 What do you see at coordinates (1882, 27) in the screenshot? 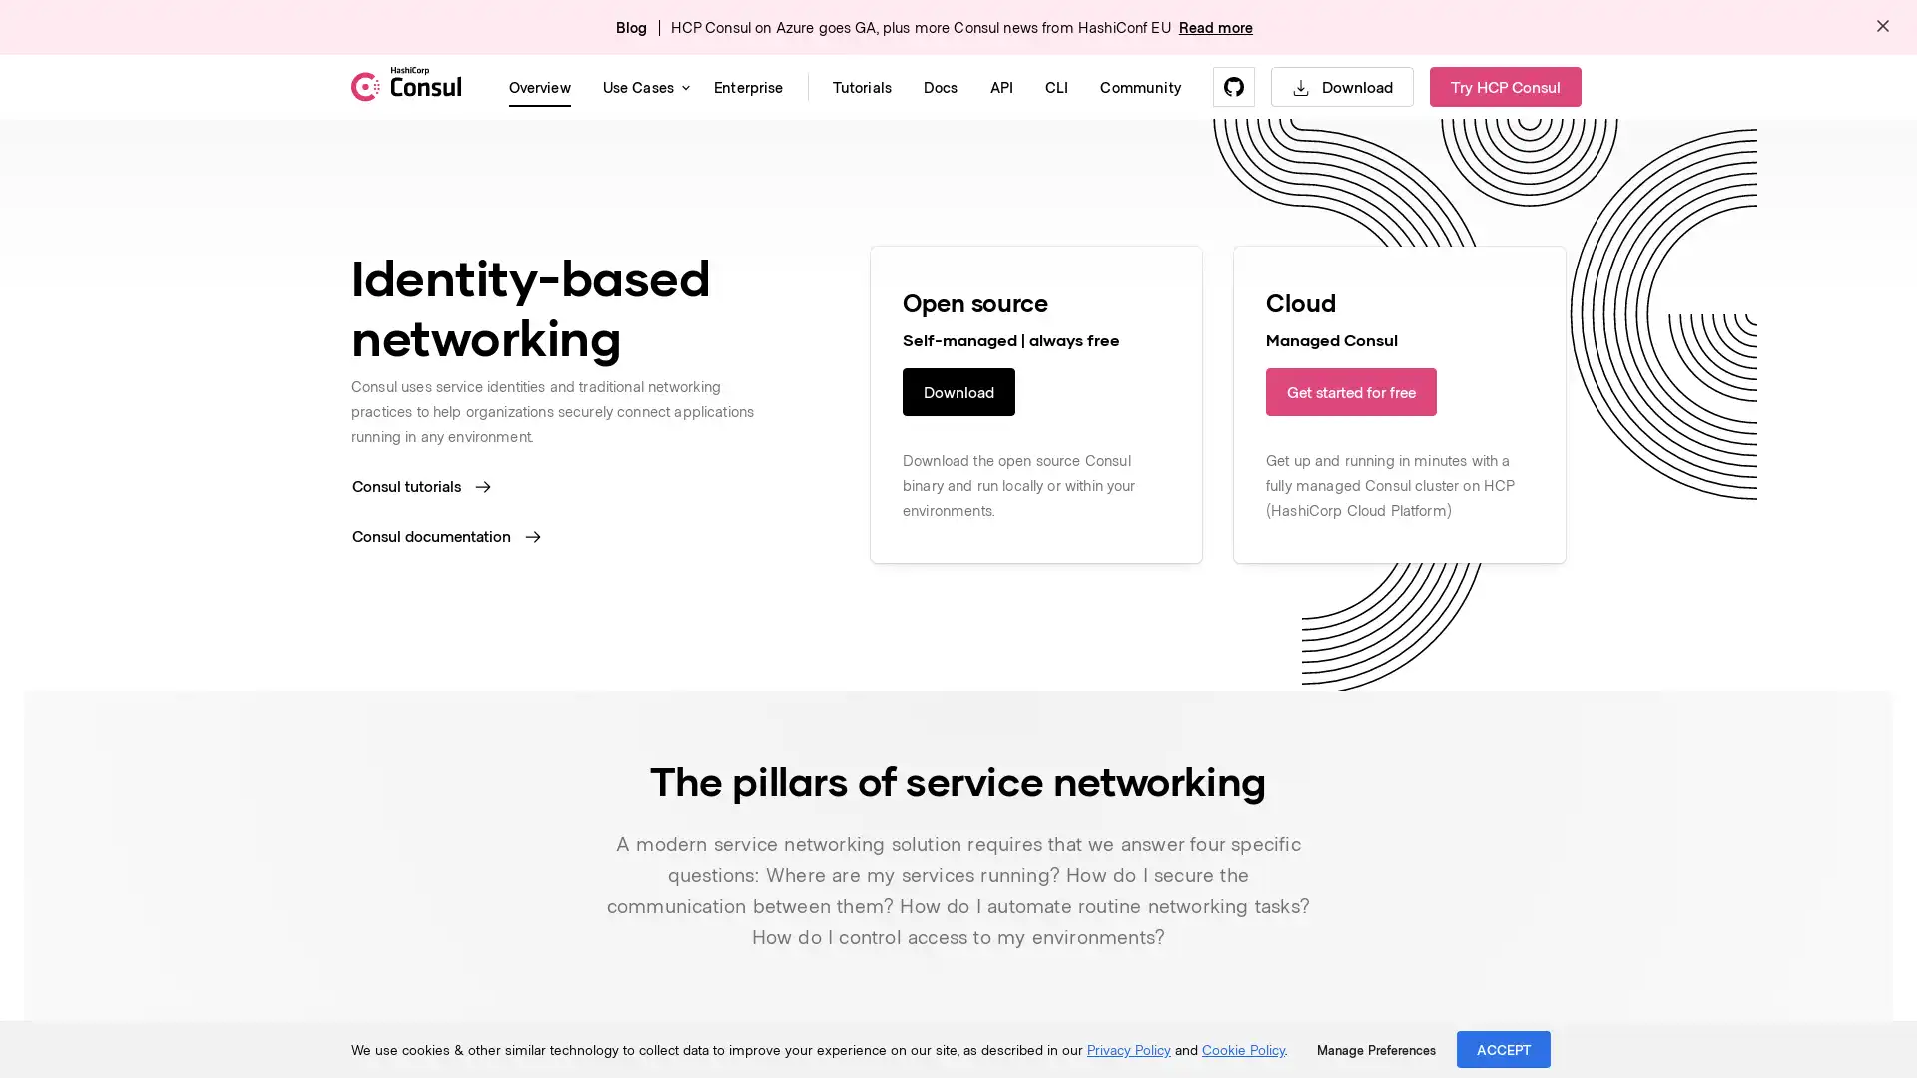
I see `Dismiss alert` at bounding box center [1882, 27].